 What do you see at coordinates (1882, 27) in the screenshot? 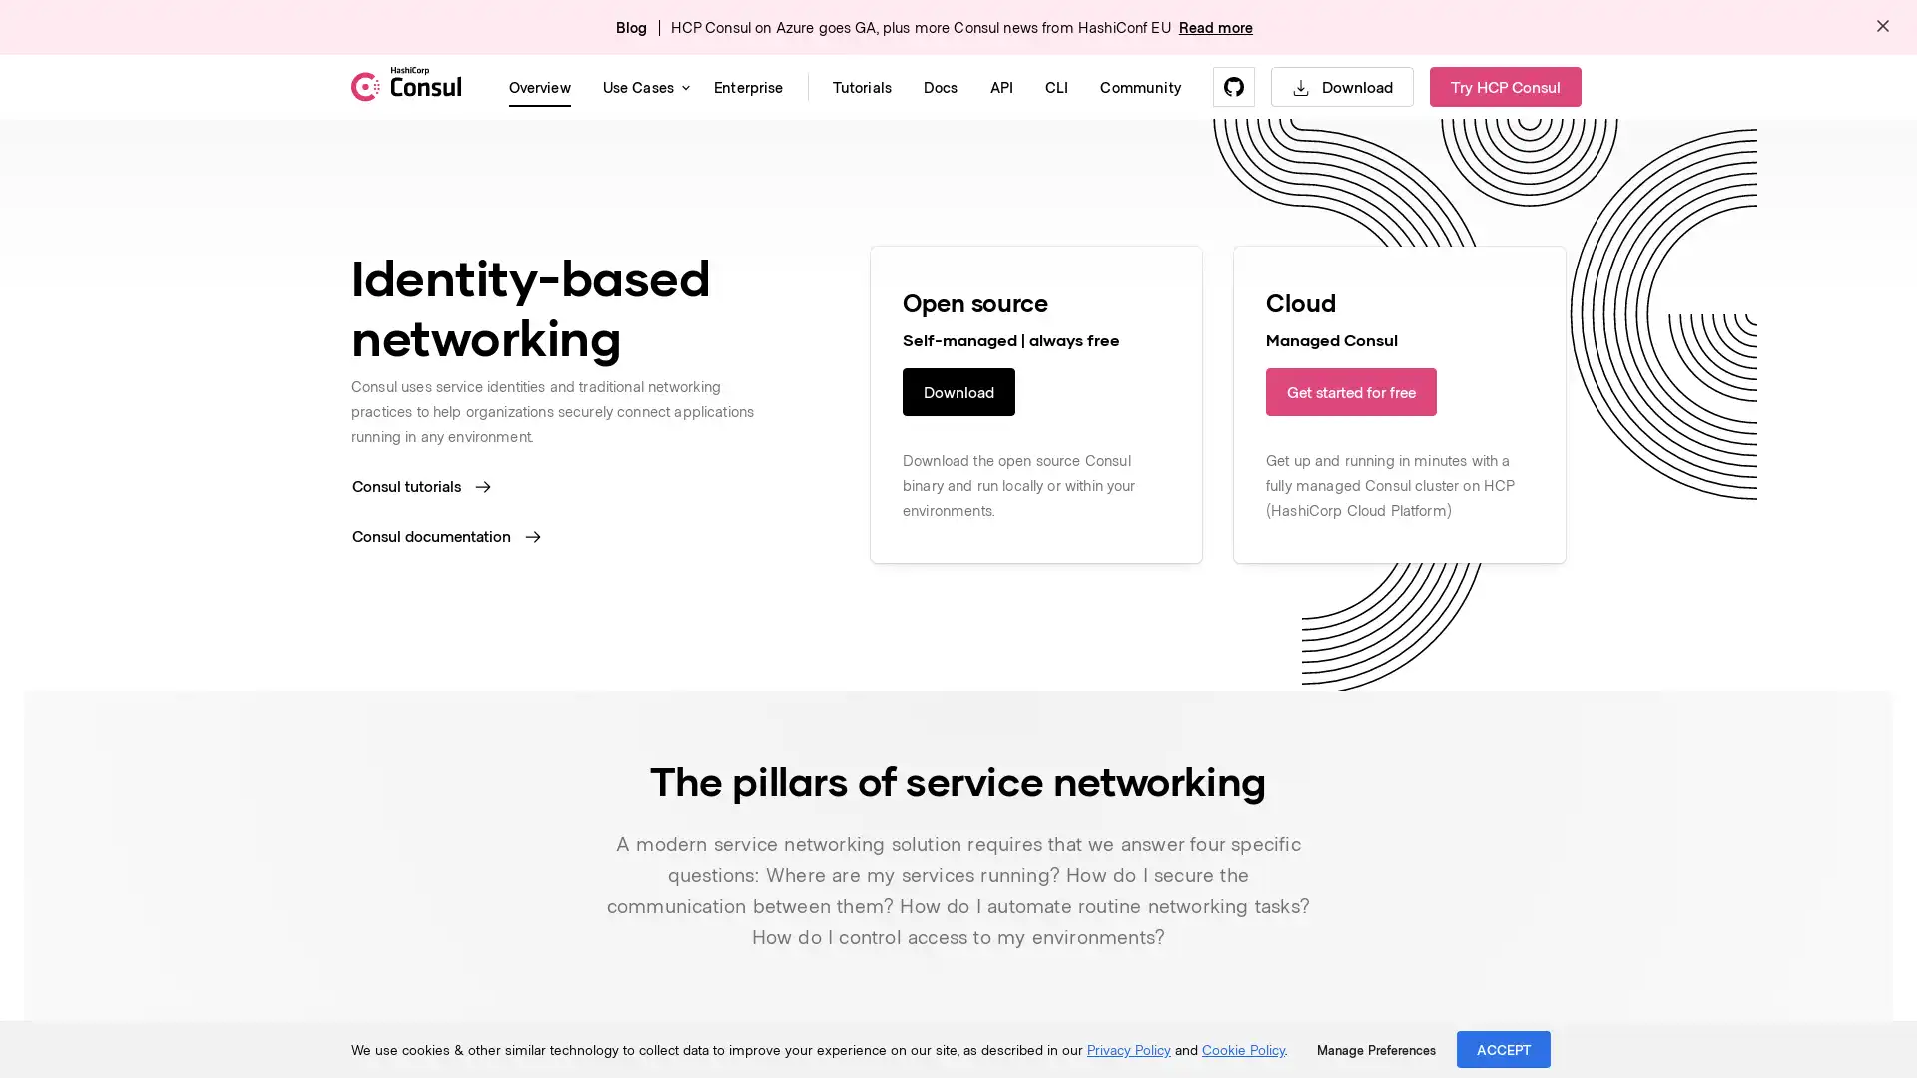
I see `Dismiss alert` at bounding box center [1882, 27].